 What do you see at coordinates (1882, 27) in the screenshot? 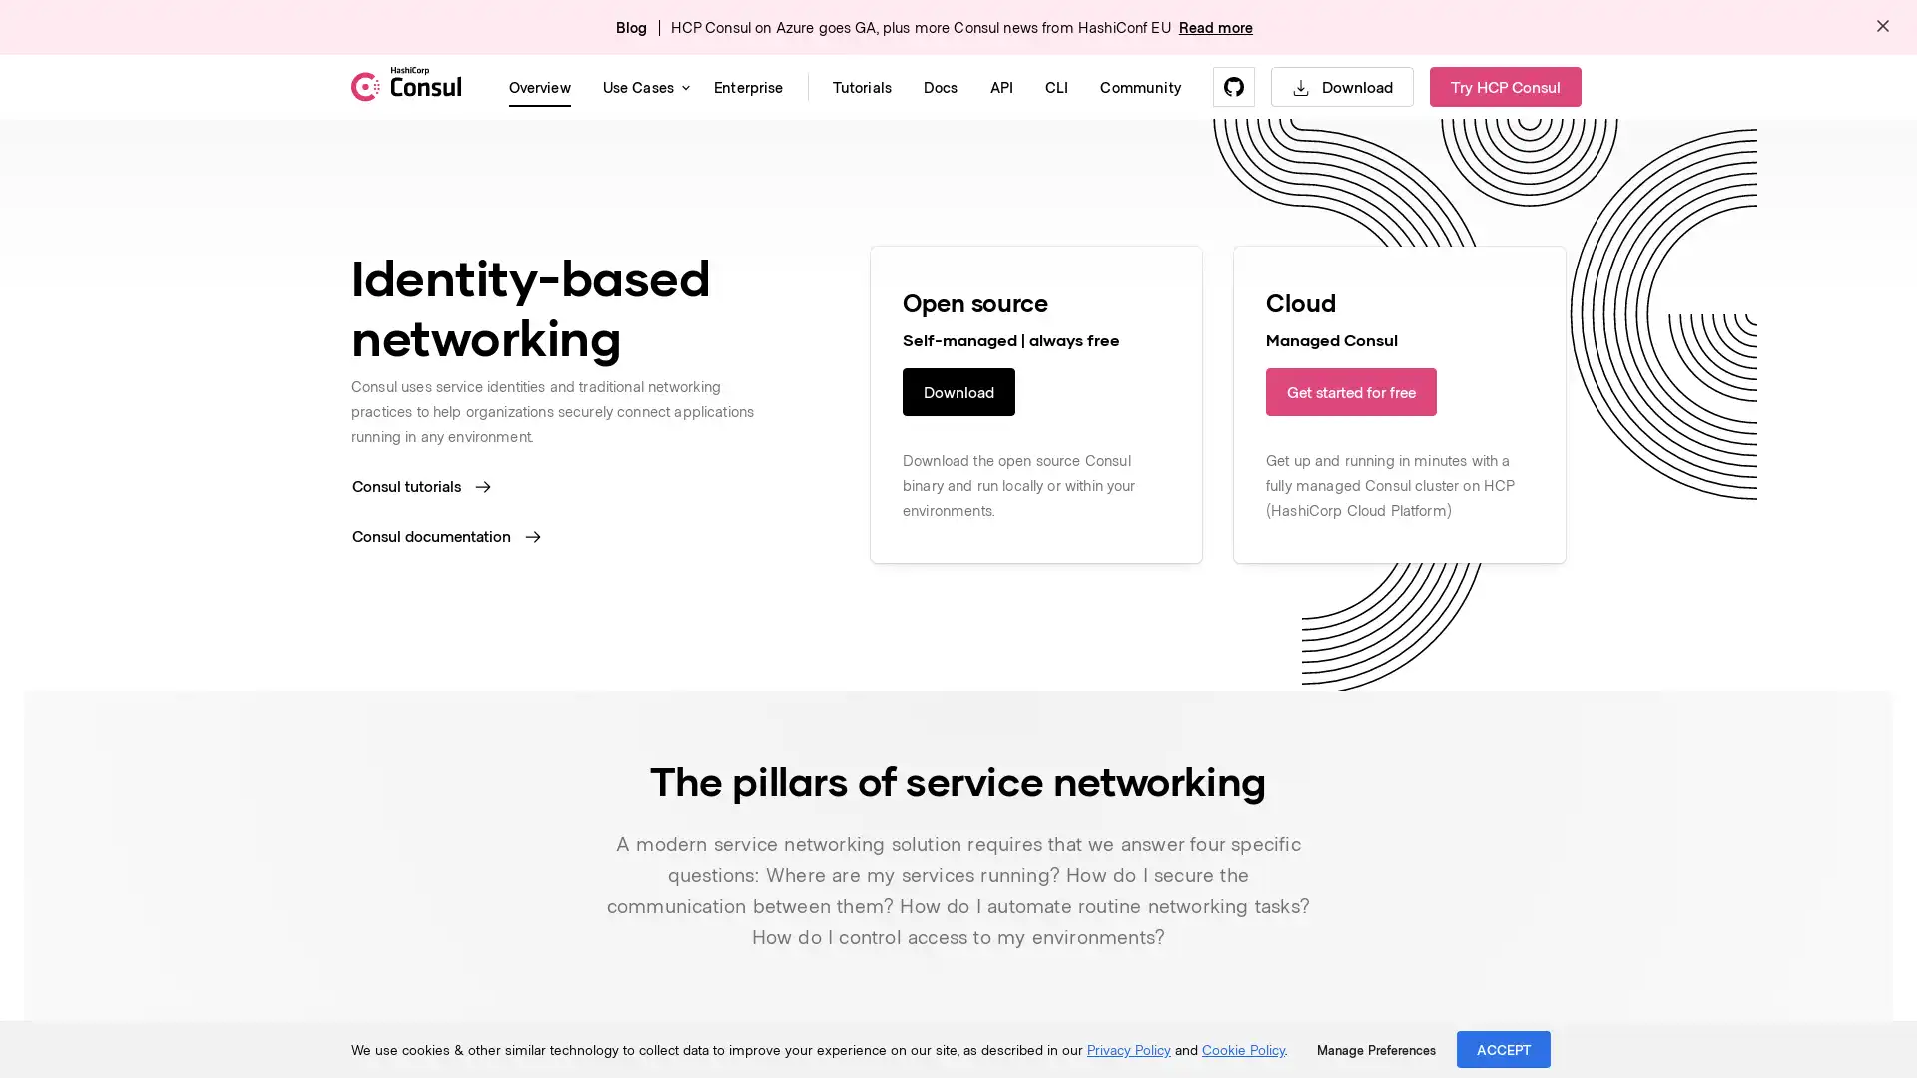
I see `Dismiss alert` at bounding box center [1882, 27].